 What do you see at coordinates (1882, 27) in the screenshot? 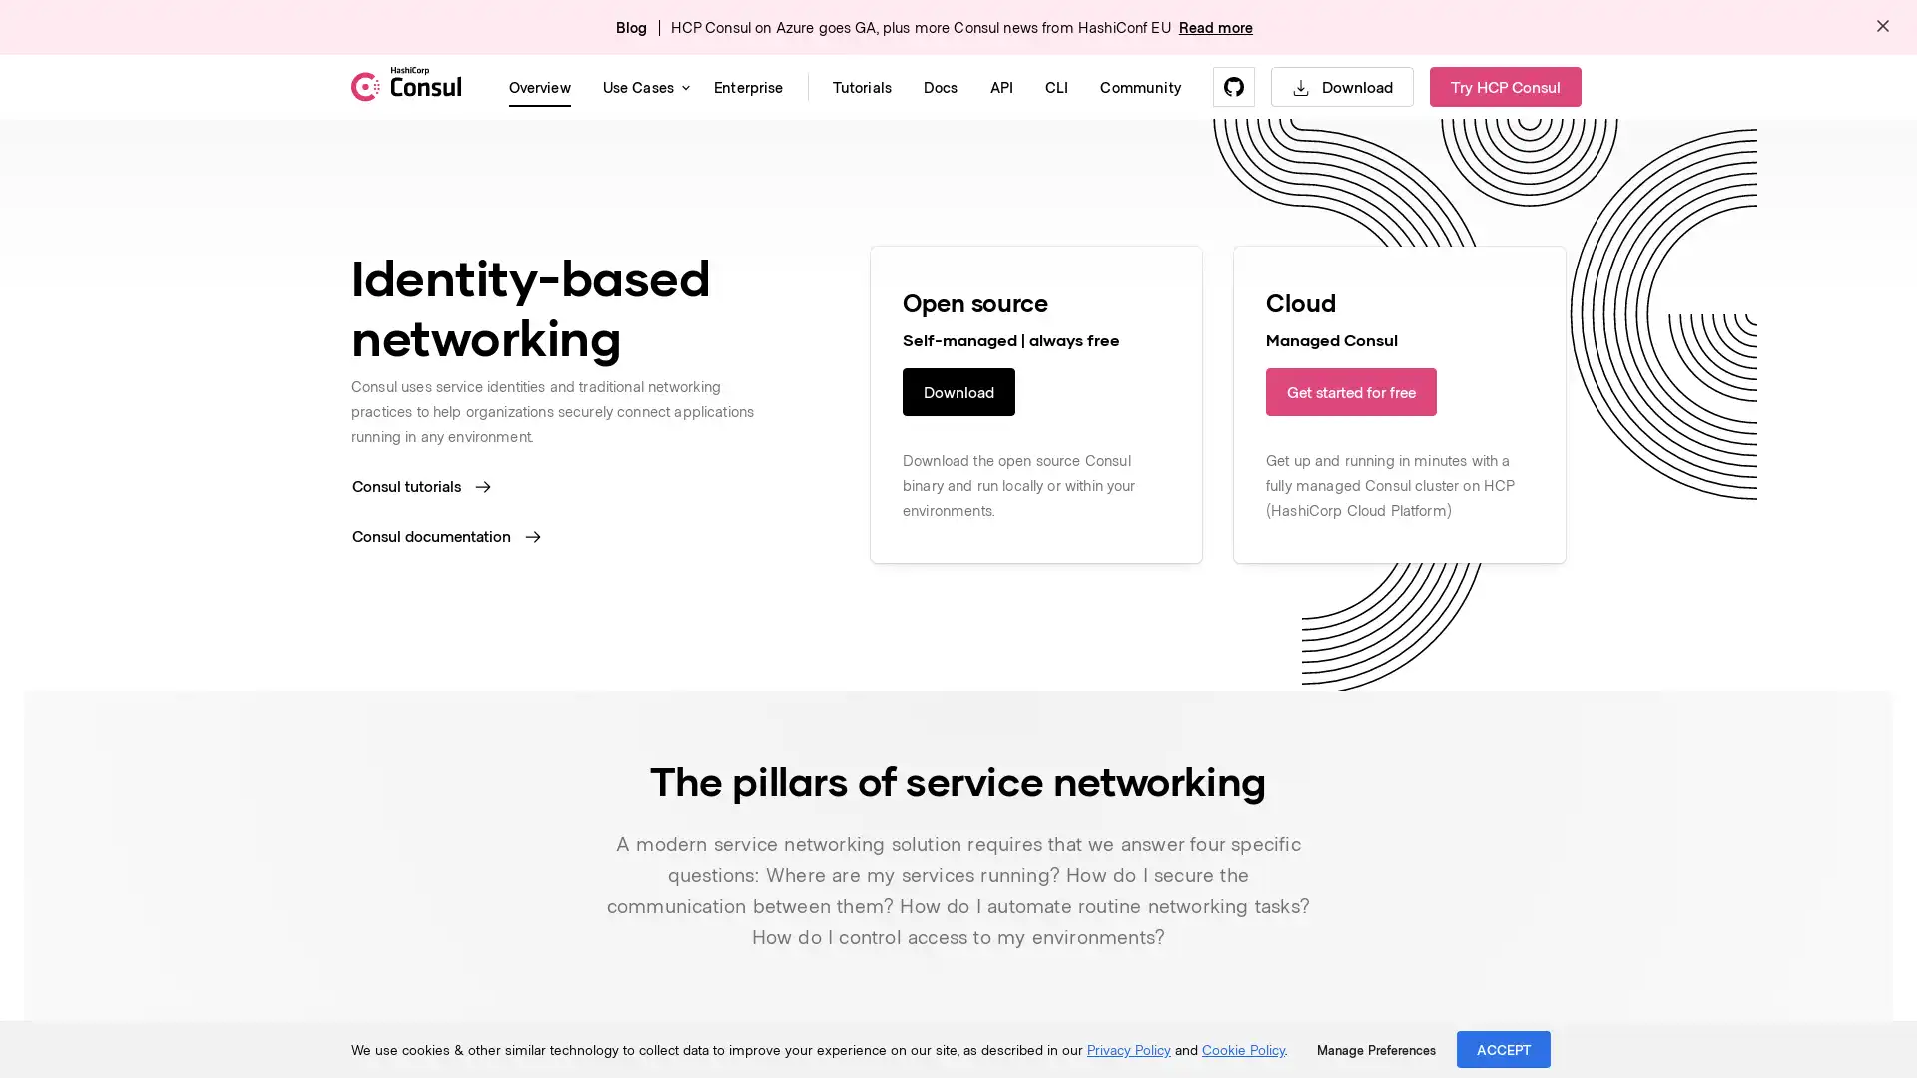
I see `Dismiss alert` at bounding box center [1882, 27].